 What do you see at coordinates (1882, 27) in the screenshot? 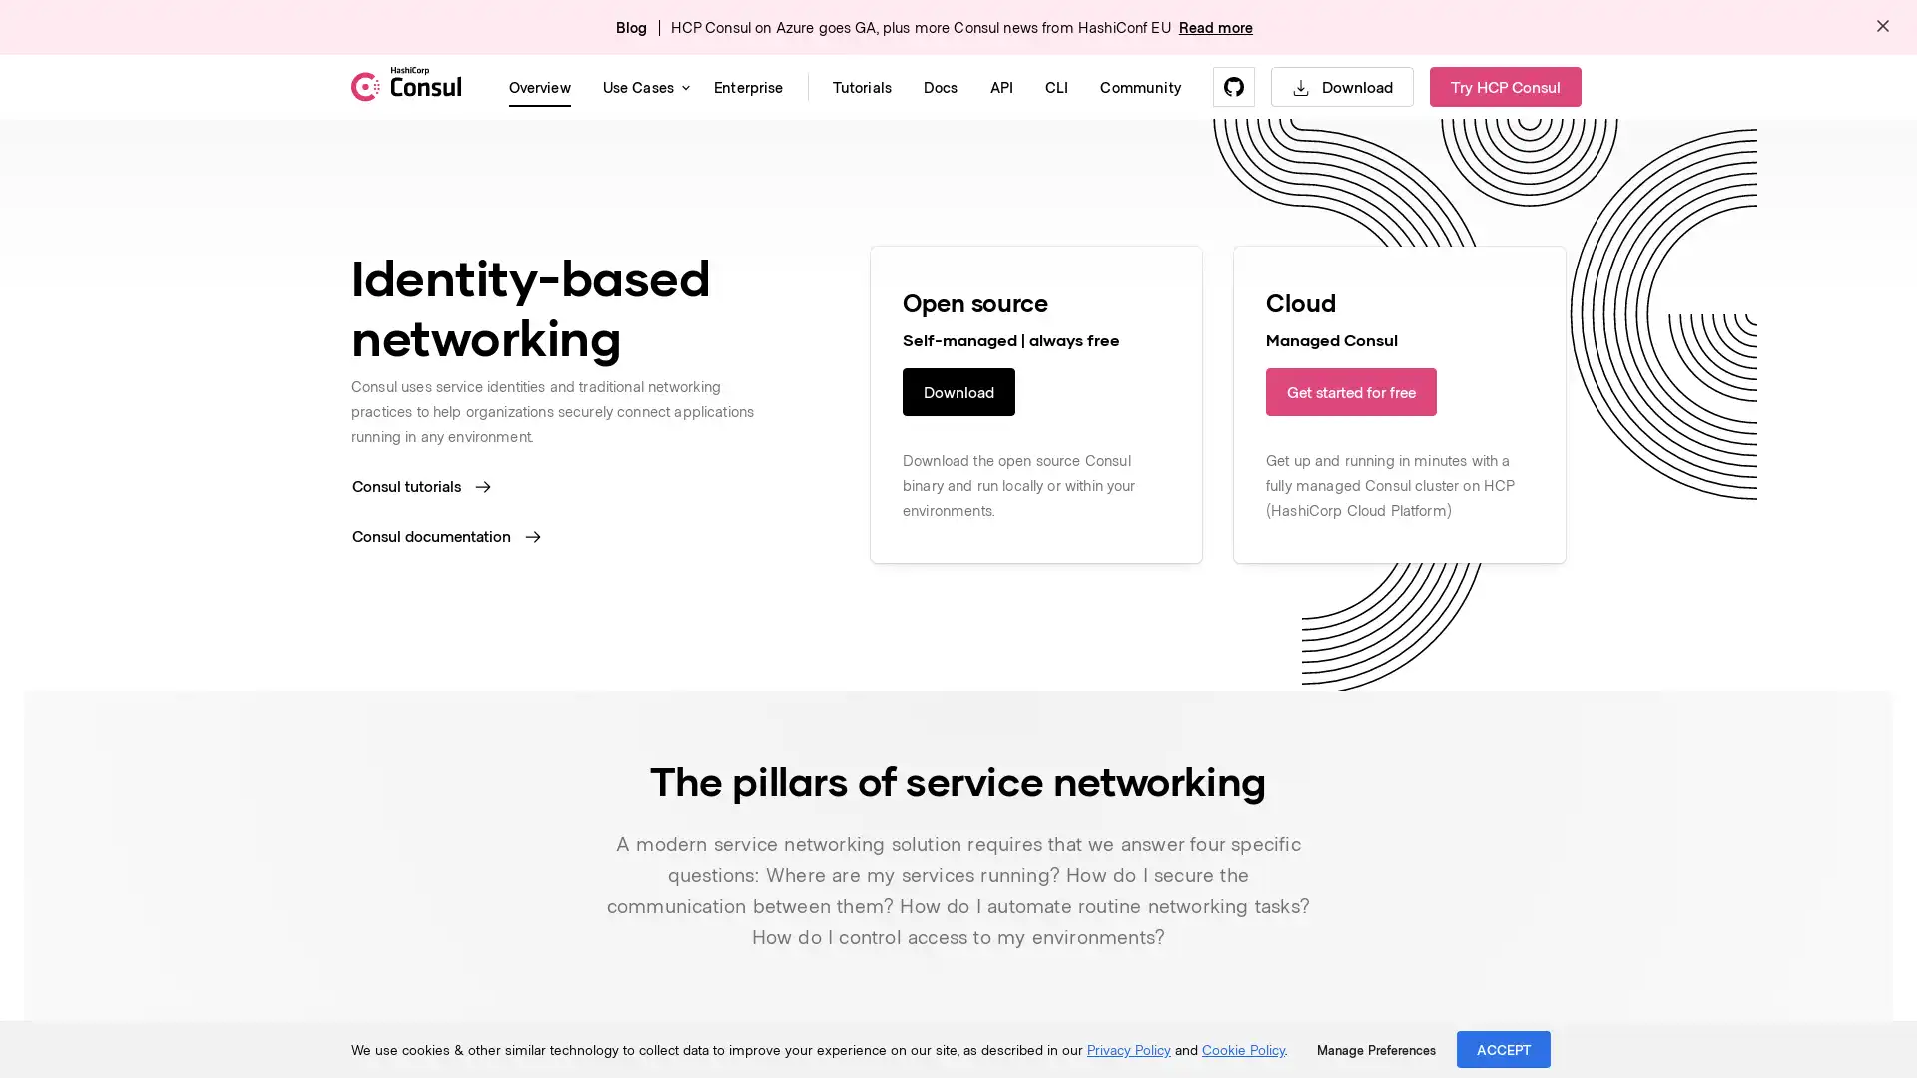
I see `Dismiss alert` at bounding box center [1882, 27].